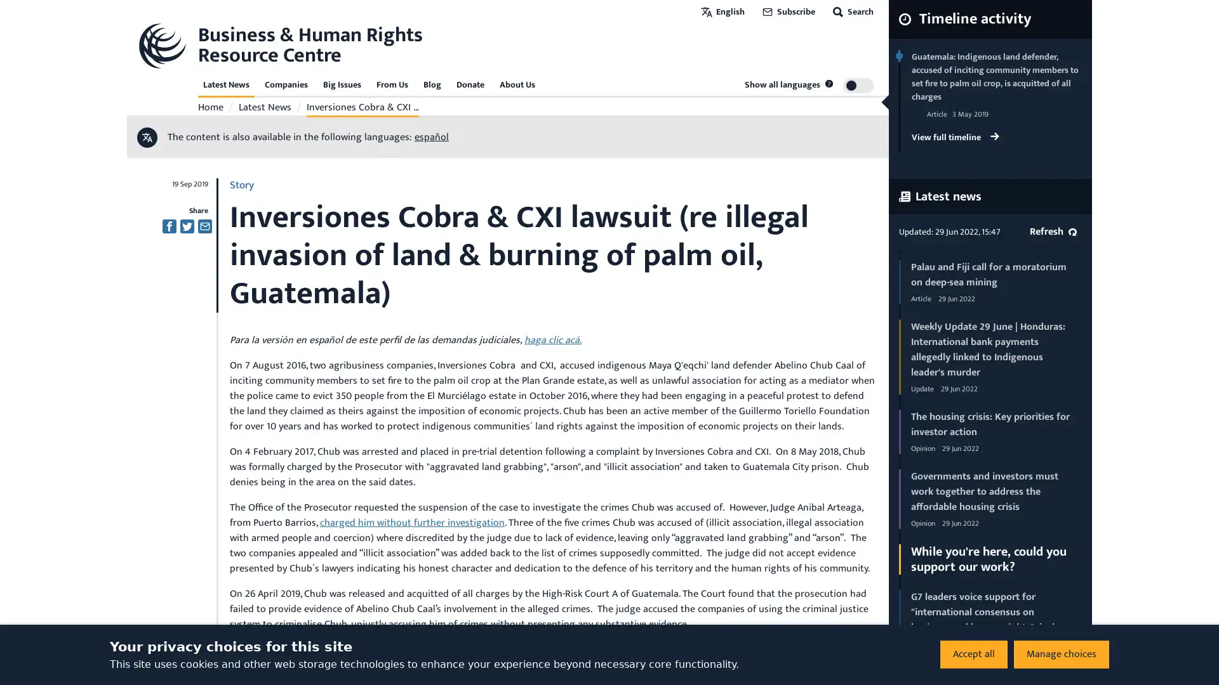  I want to click on Accept all, so click(972, 655).